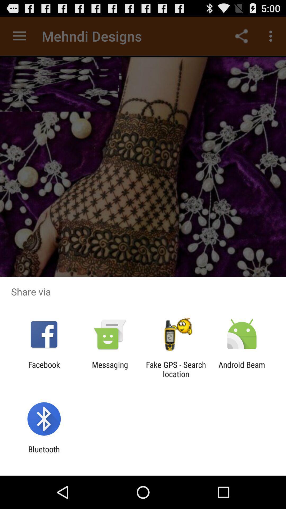 The height and width of the screenshot is (509, 286). Describe the element at coordinates (110, 369) in the screenshot. I see `the app to the left of fake gps search` at that location.